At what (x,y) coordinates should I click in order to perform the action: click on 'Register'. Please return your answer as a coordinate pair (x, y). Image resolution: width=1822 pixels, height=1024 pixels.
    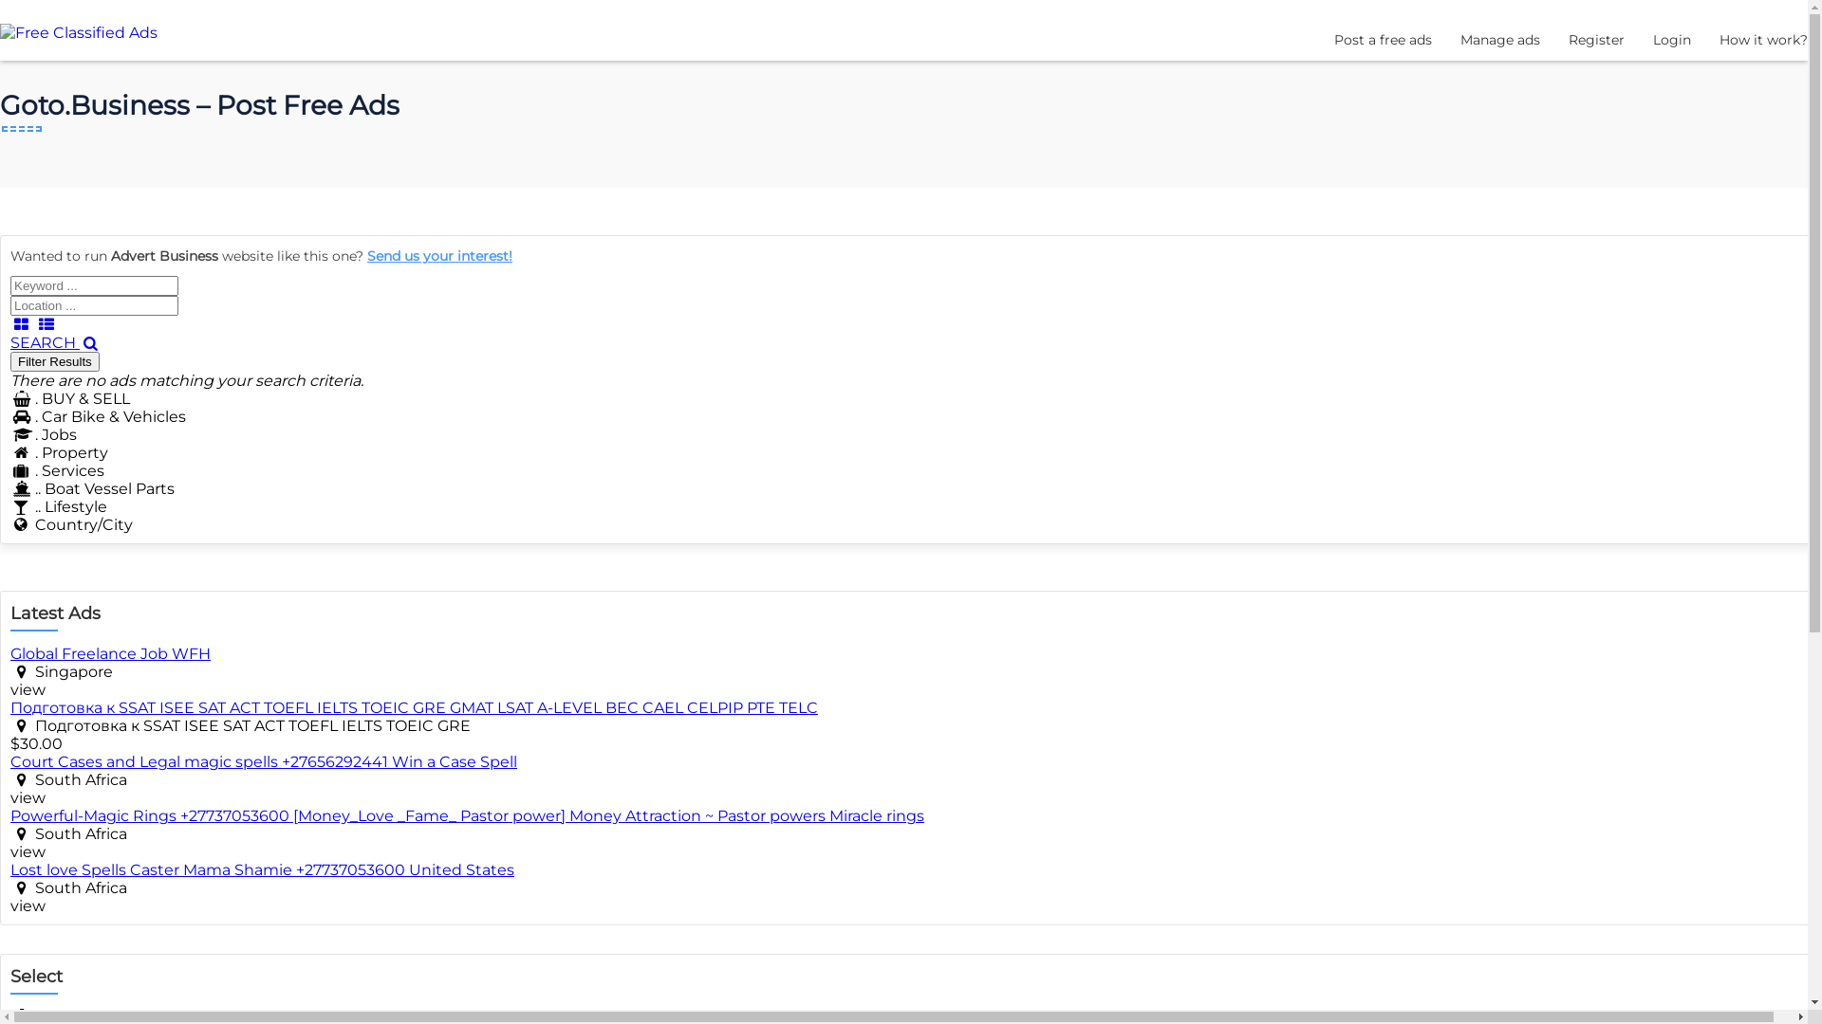
    Looking at the image, I should click on (1568, 40).